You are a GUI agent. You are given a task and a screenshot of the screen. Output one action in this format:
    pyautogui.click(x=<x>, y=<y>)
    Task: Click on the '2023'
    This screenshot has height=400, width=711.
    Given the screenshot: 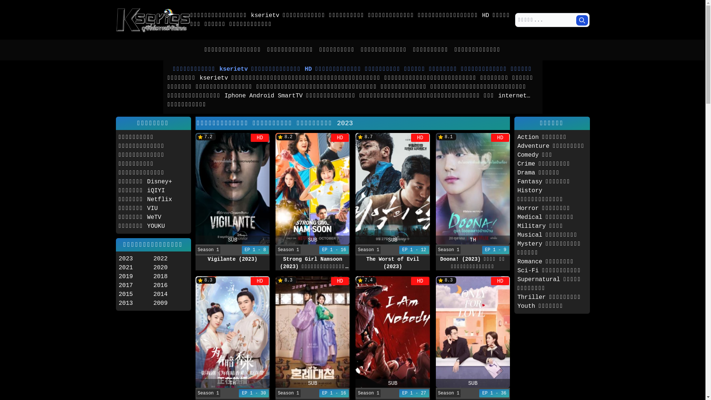 What is the action you would take?
    pyautogui.click(x=118, y=258)
    